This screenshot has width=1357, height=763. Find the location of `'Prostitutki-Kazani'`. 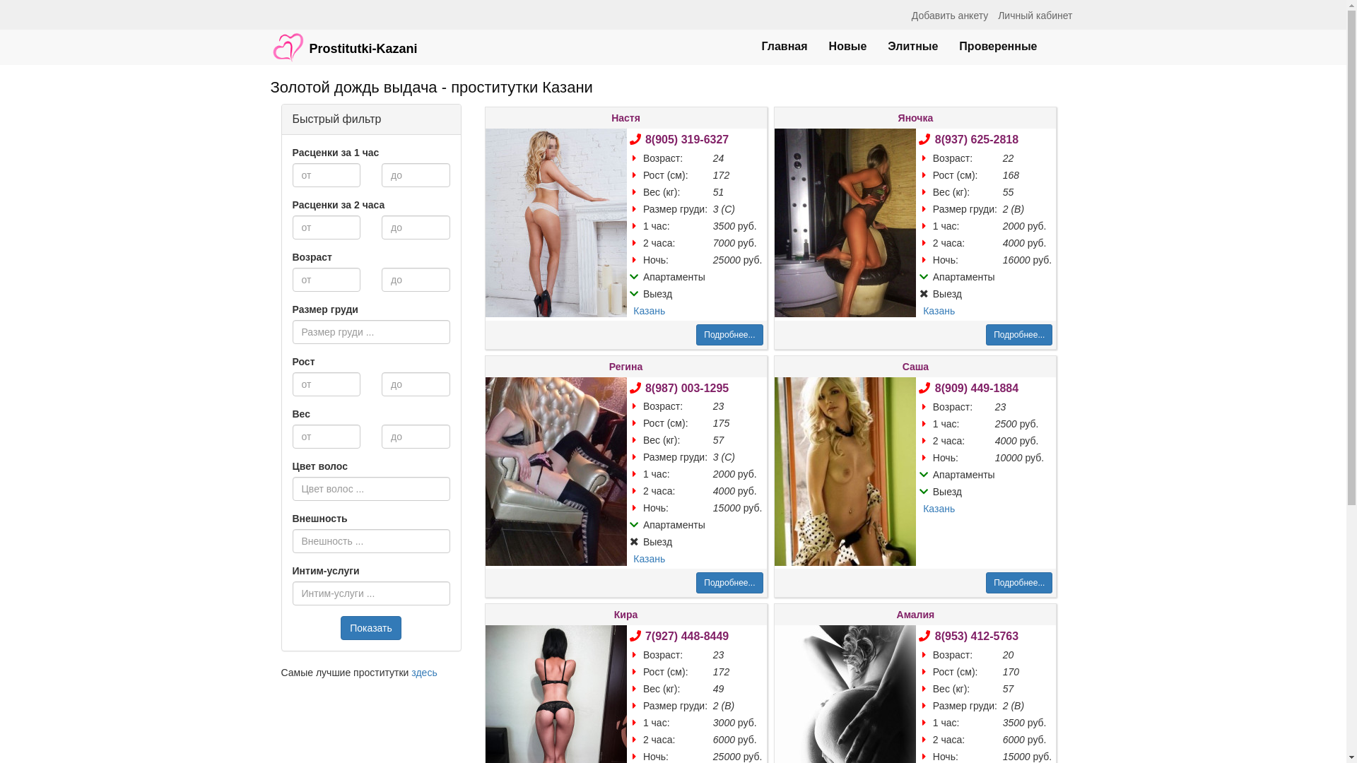

'Prostitutki-Kazani' is located at coordinates (343, 40).